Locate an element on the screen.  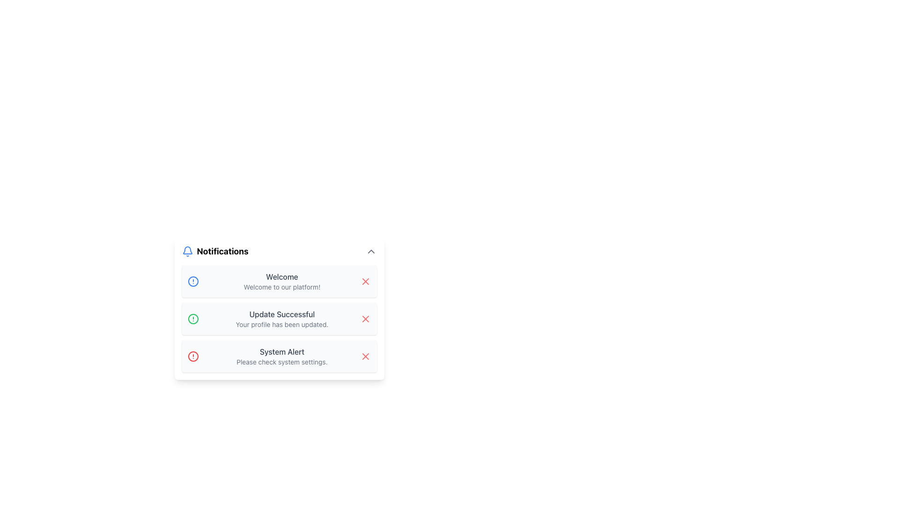
the urgent notification icon located at the left side of the 'System Alert' notification block in the notifications panel is located at coordinates (192, 356).